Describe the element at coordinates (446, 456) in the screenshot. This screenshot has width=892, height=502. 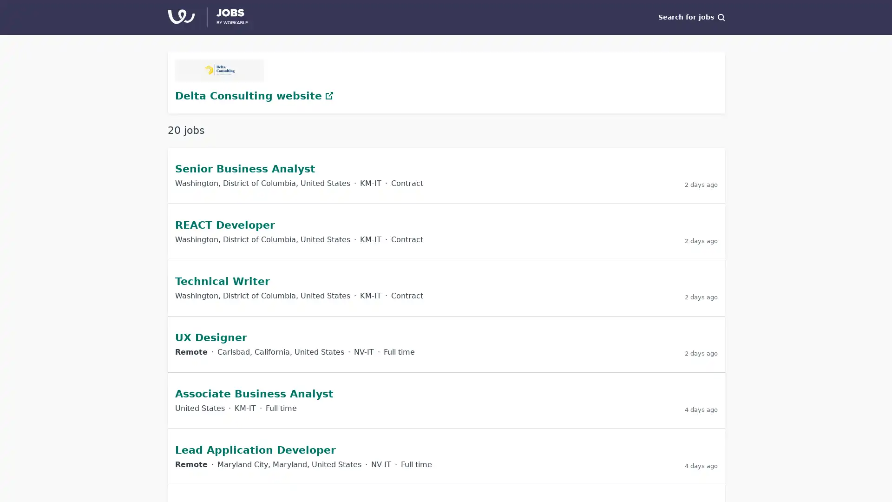
I see `Lead Application Developer at Delta Consulting` at that location.